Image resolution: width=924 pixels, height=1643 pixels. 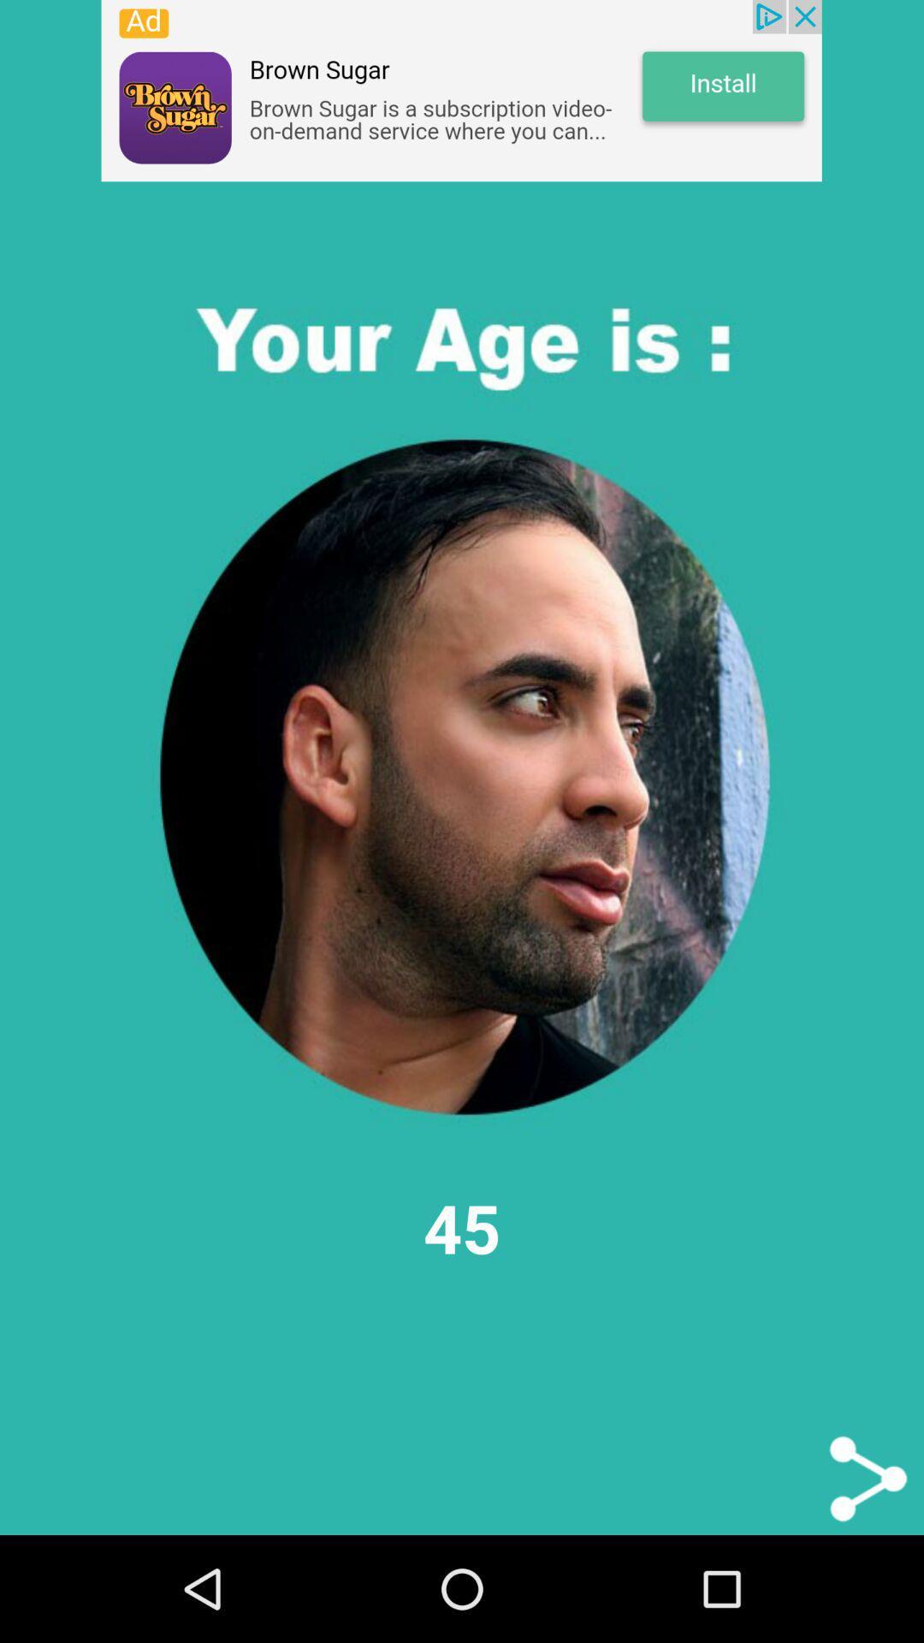 What do you see at coordinates (460, 90) in the screenshot?
I see `advertisement website` at bounding box center [460, 90].